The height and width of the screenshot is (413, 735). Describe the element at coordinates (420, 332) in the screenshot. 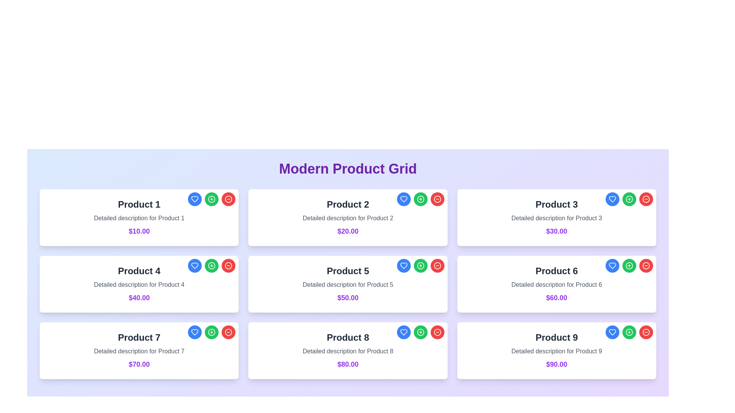

I see `the 'Add' button located in the top-right corner of the product card labeled 'Product 8'` at that location.